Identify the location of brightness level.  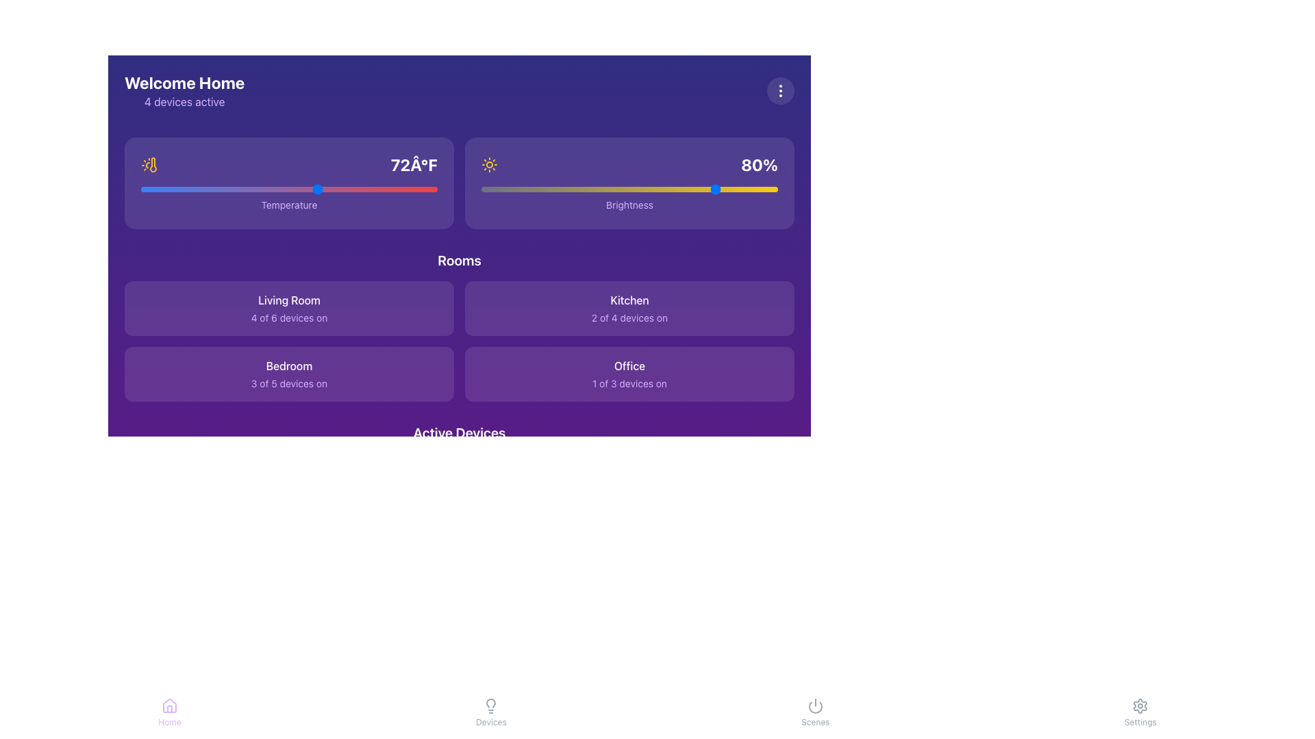
(531, 190).